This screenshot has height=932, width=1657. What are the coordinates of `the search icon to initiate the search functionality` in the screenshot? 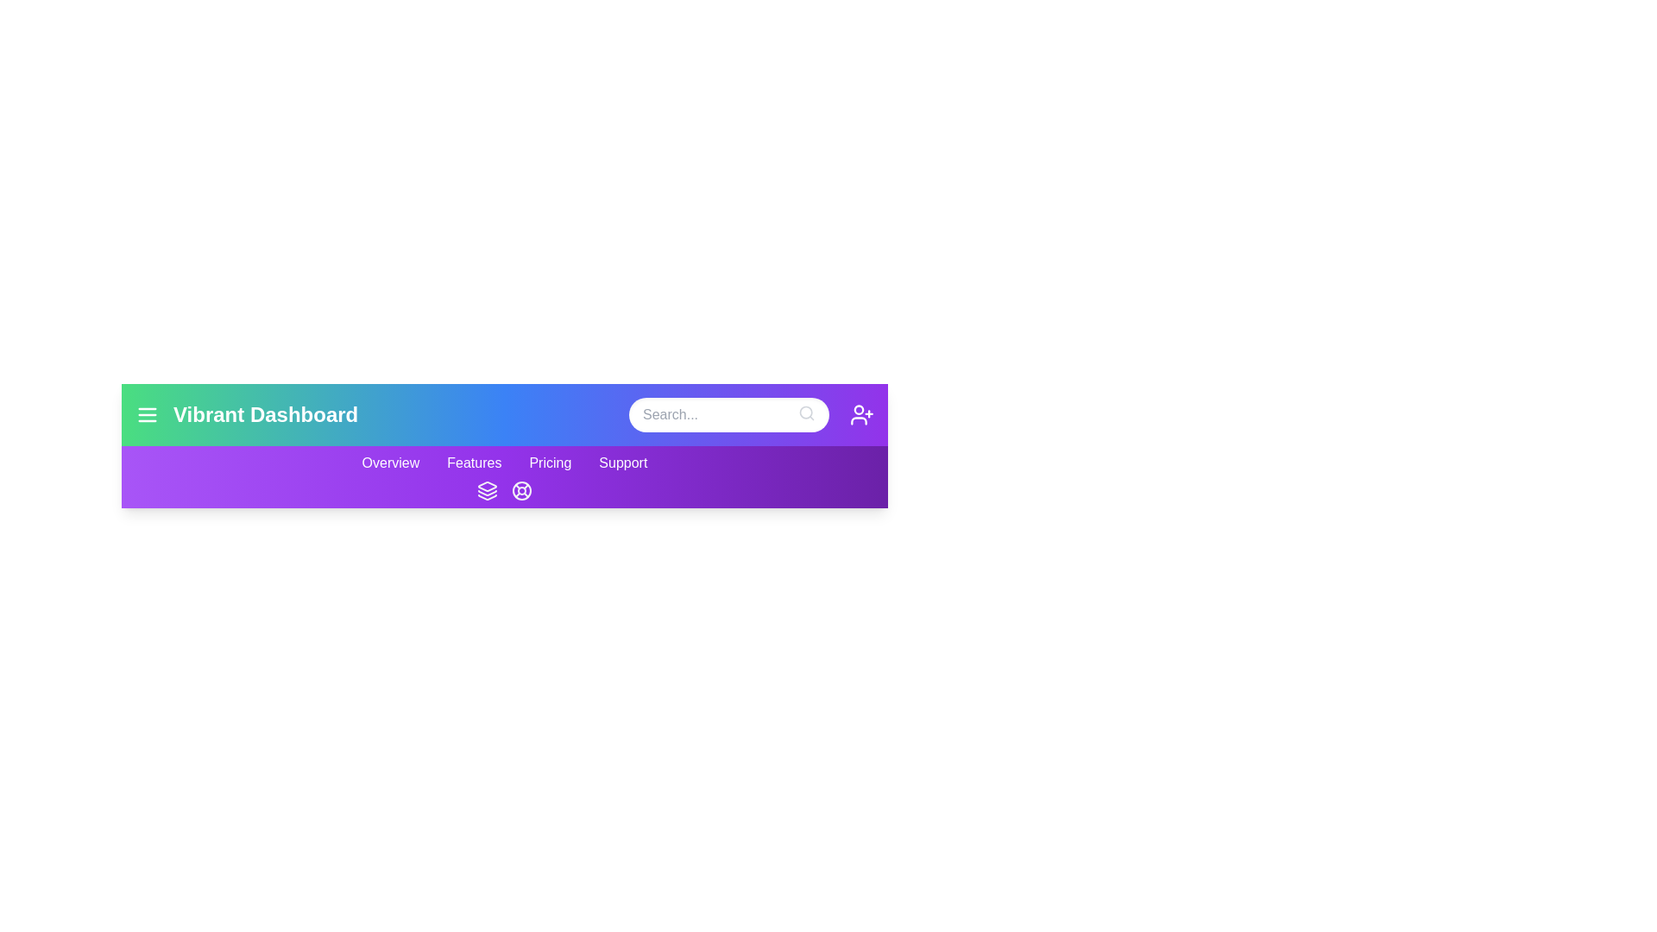 It's located at (806, 412).